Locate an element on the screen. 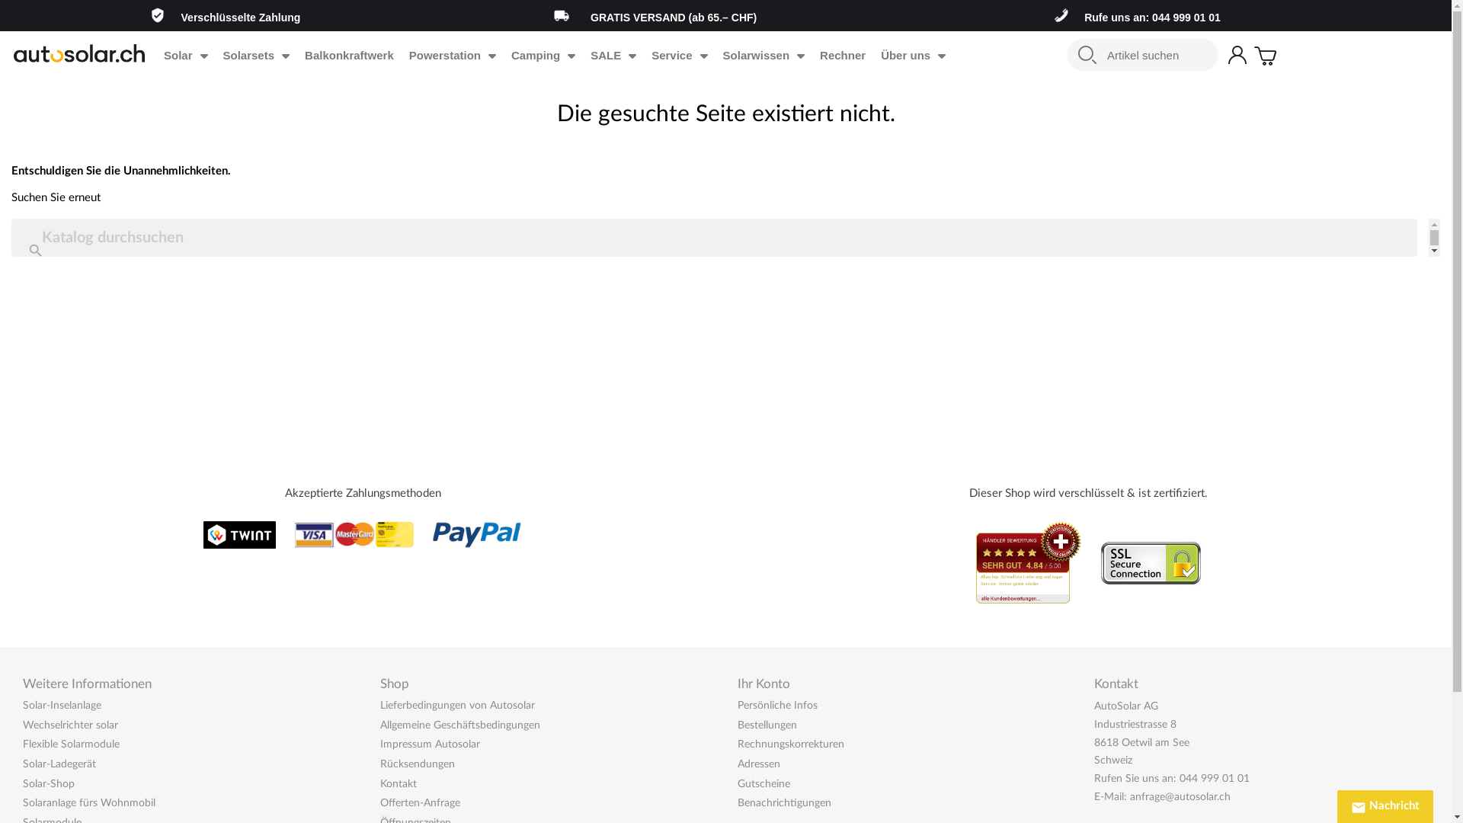 The image size is (1463, 823). 'Kontakt' is located at coordinates (399, 784).